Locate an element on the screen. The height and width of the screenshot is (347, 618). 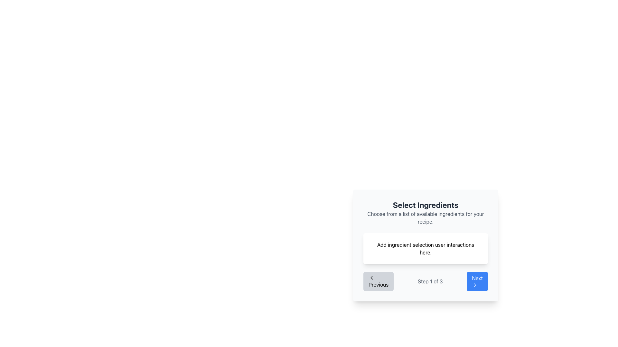
the chevron-right icon located in the 'Next' button section at the bottom-right corner of the 'Select Ingredients' dialog box is located at coordinates (475, 285).